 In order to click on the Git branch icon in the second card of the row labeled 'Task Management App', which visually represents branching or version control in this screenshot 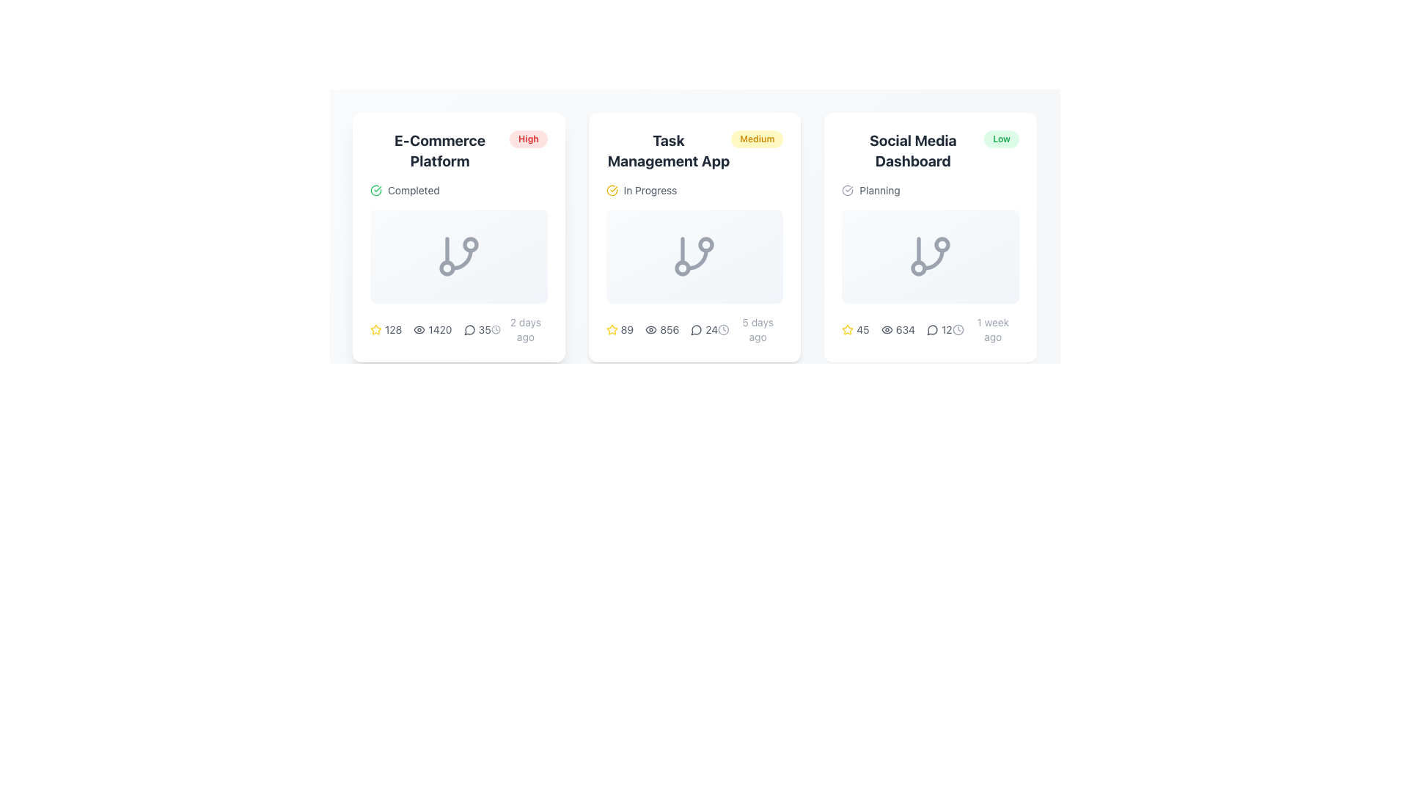, I will do `click(694, 256)`.